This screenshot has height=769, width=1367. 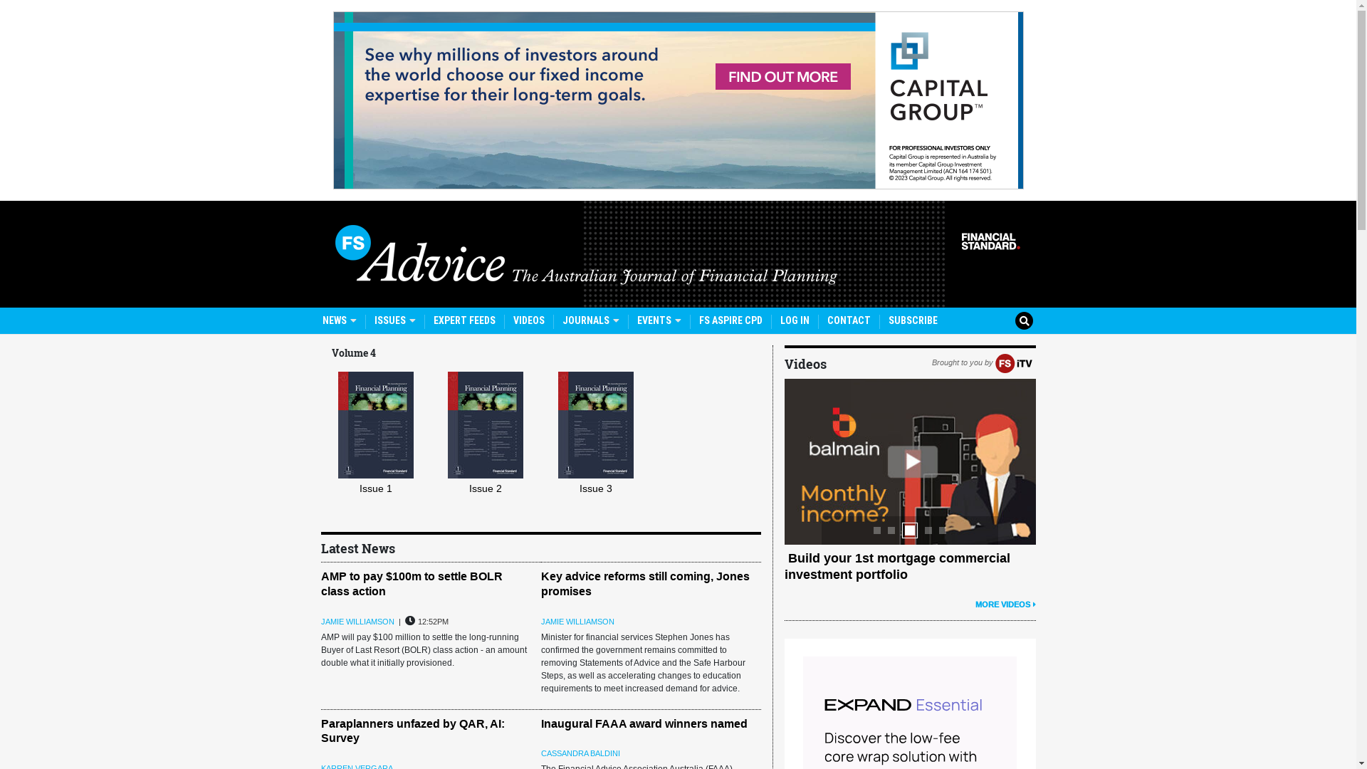 What do you see at coordinates (492, 456) in the screenshot?
I see `'Issue 2'` at bounding box center [492, 456].